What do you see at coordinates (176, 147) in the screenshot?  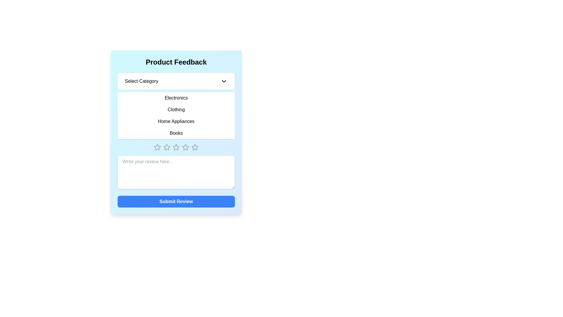 I see `the middle star of the Rating widget in the Product Feedback section` at bounding box center [176, 147].